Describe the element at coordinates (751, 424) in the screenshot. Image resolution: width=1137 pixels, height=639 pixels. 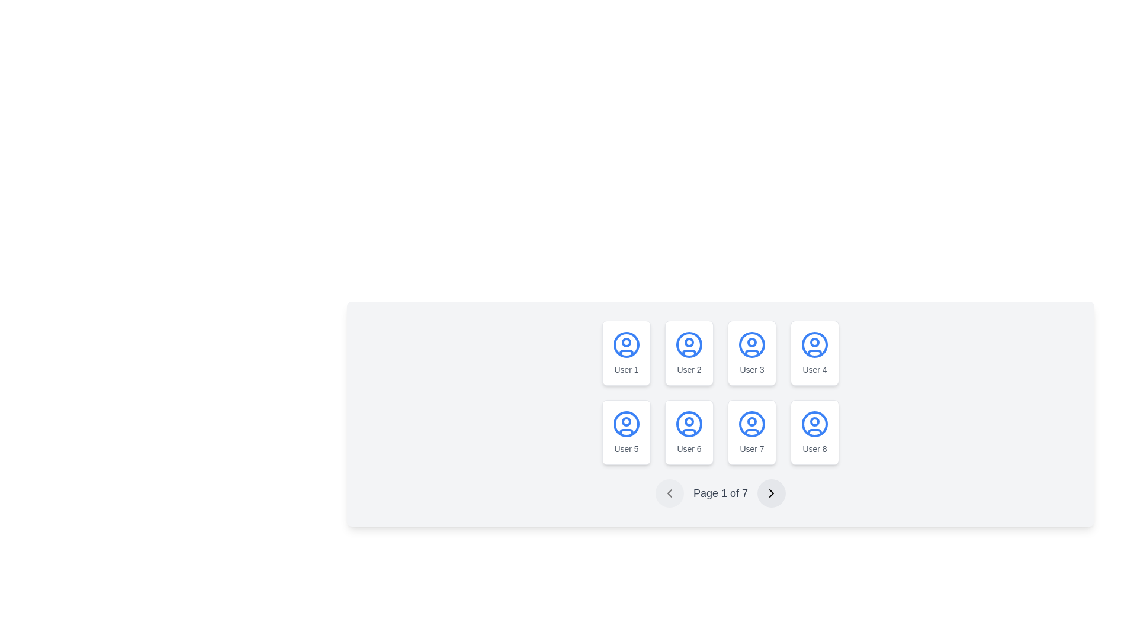
I see `the SVG Circle Graphic that is part of the 'User 7' profile icon, which has a blue border and white background, located in the second row, third column of the user grid` at that location.